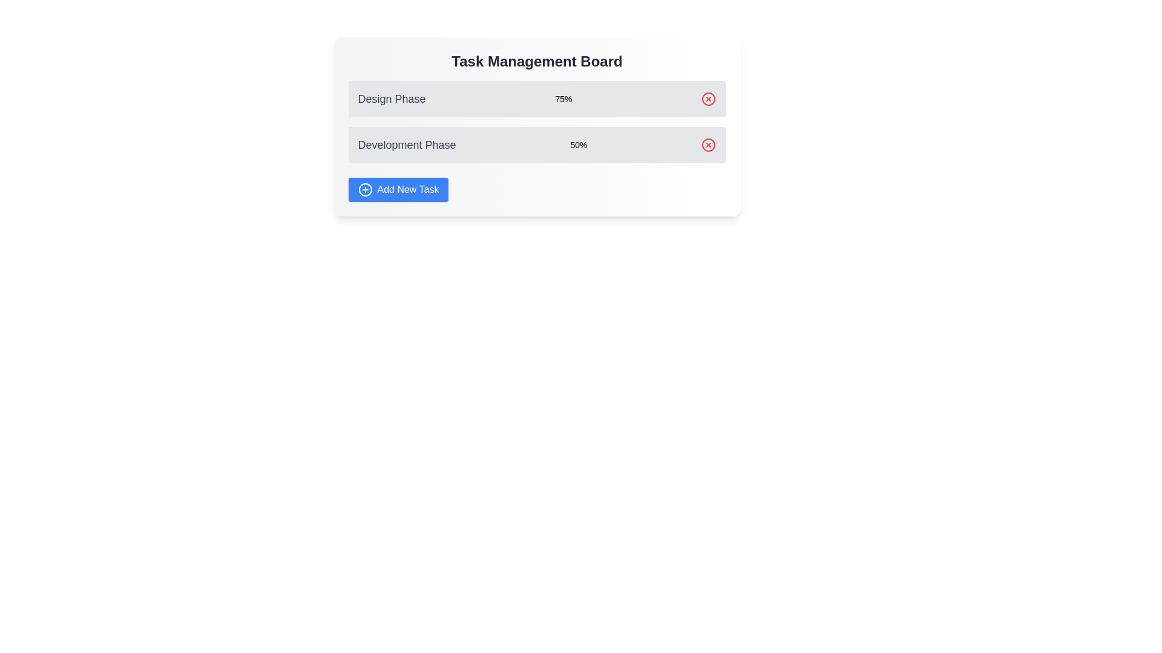  What do you see at coordinates (364, 189) in the screenshot?
I see `the circular '+' icon with a hollow outline, located to the left of the 'Add New Task' button` at bounding box center [364, 189].